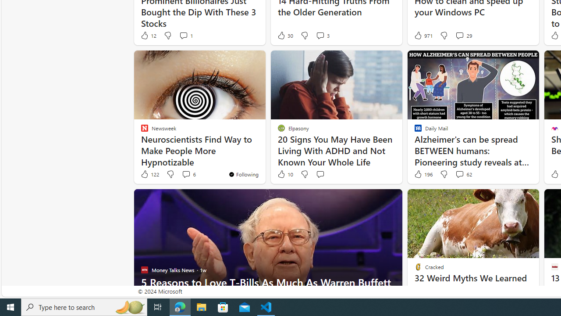  Describe the element at coordinates (148, 35) in the screenshot. I see `'12 Like'` at that location.